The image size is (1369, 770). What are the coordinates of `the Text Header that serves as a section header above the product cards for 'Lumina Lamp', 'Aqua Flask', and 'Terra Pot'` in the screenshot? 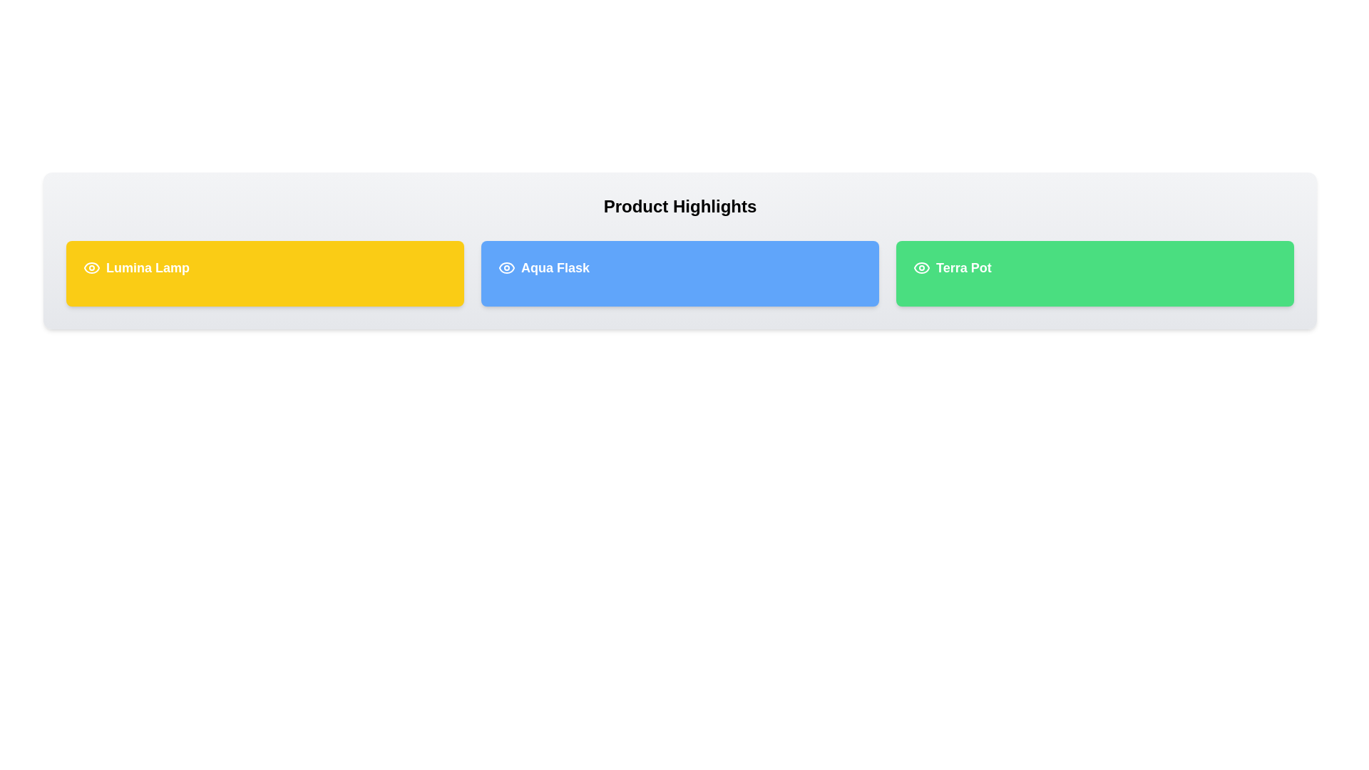 It's located at (680, 206).